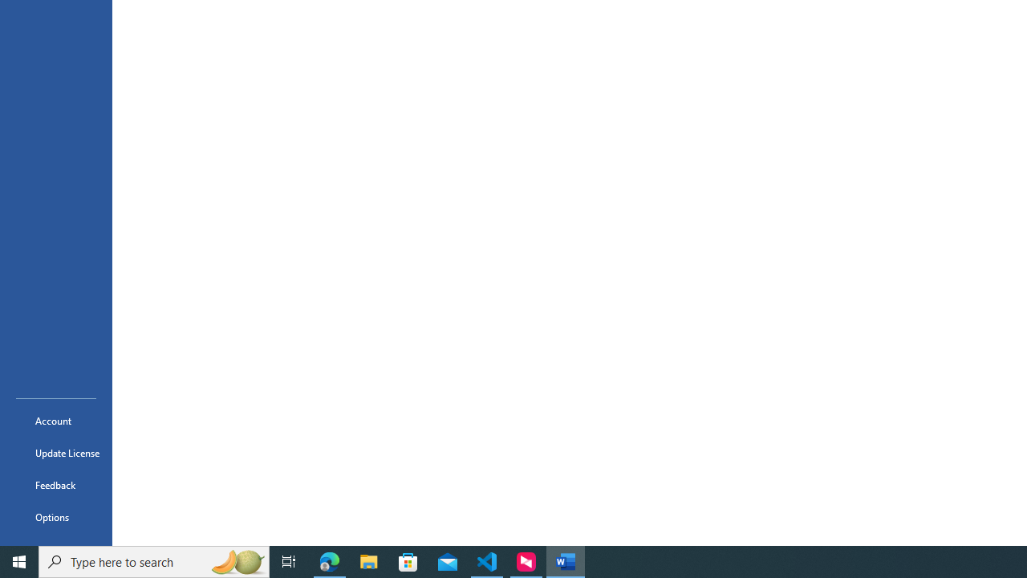 Image resolution: width=1027 pixels, height=578 pixels. Describe the element at coordinates (55, 420) in the screenshot. I see `'Account'` at that location.